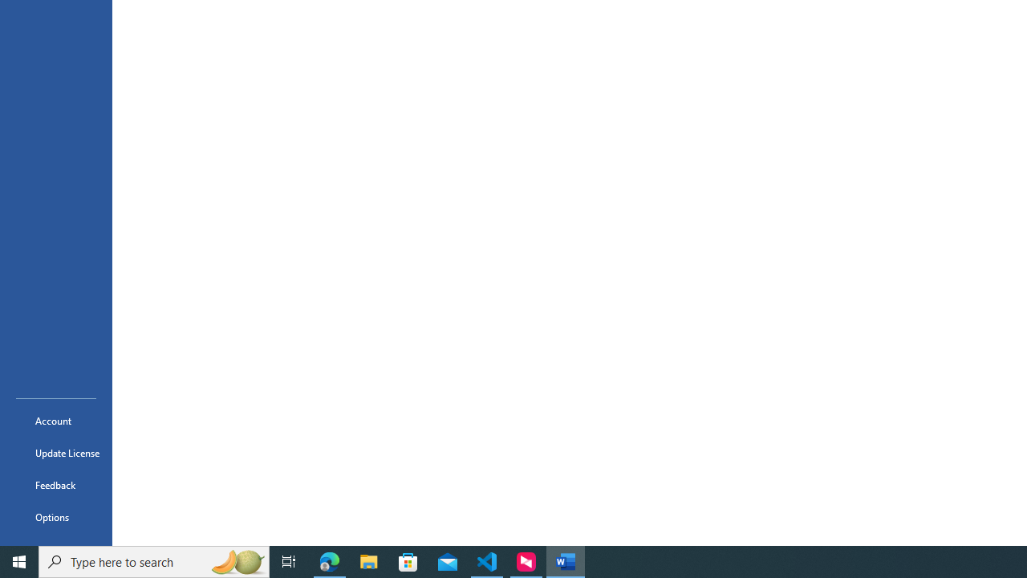 Image resolution: width=1027 pixels, height=578 pixels. Describe the element at coordinates (55, 420) in the screenshot. I see `'Account'` at that location.